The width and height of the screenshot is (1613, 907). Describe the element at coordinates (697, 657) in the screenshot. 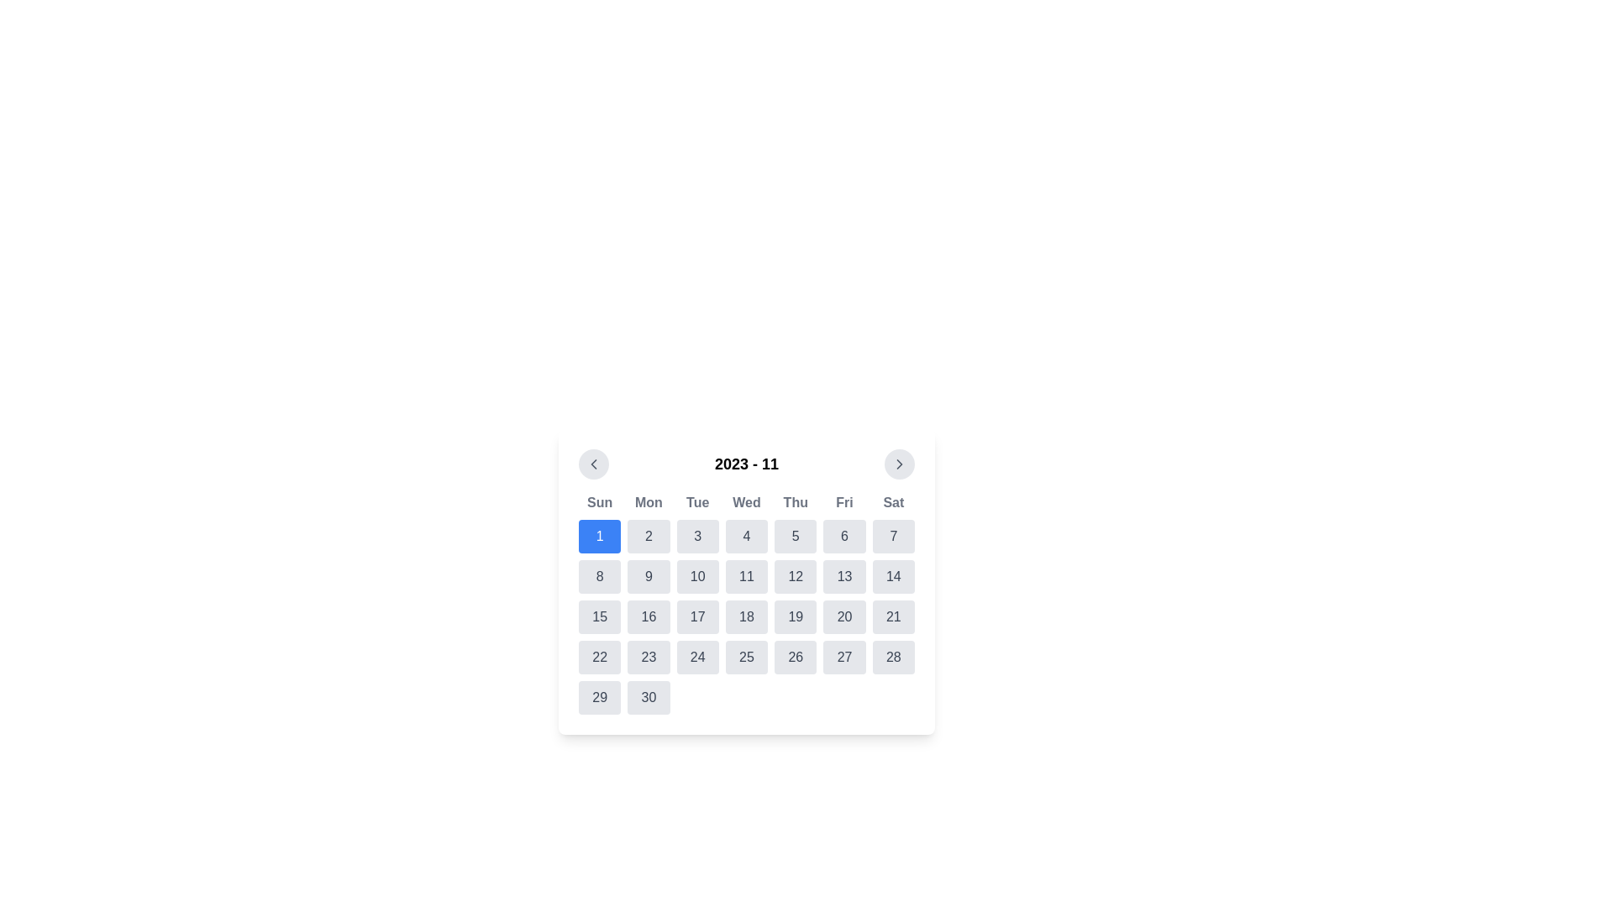

I see `the button representing the 24th day in the calendar interface for November 2023, located in the fourth row and fourth column of the grid` at that location.